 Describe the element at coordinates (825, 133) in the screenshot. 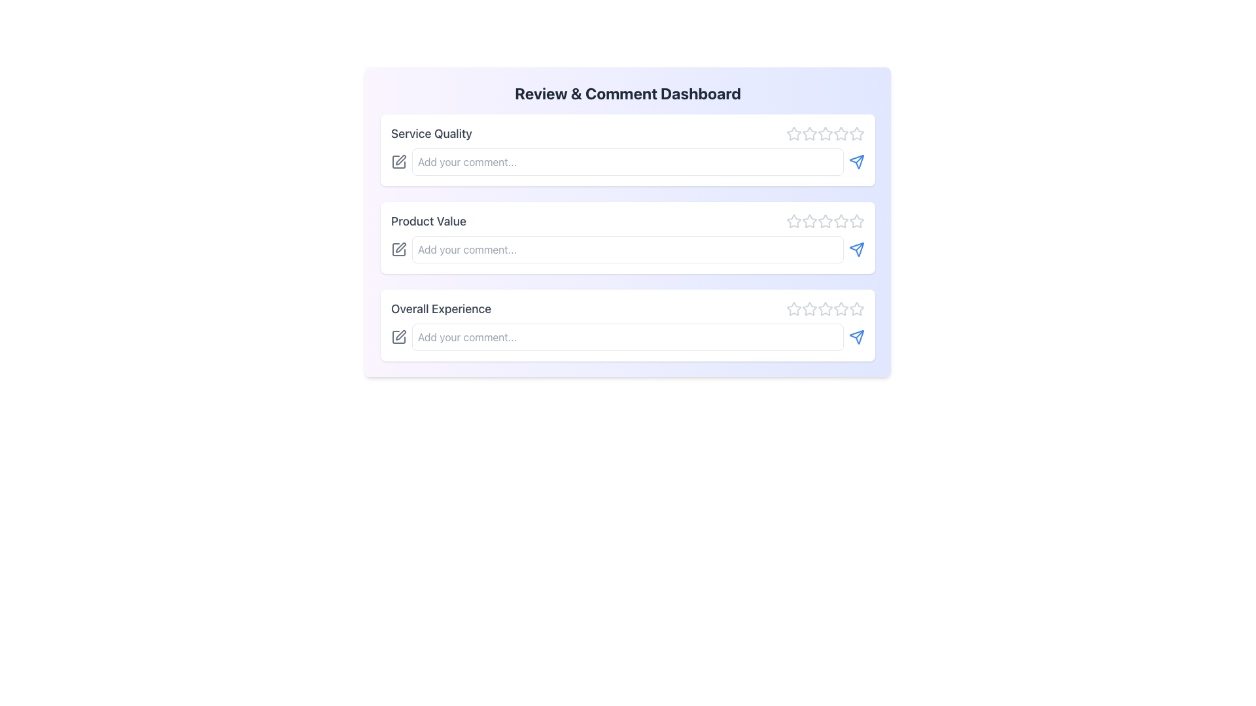

I see `the fourth star icon in the Service Quality rating section` at that location.